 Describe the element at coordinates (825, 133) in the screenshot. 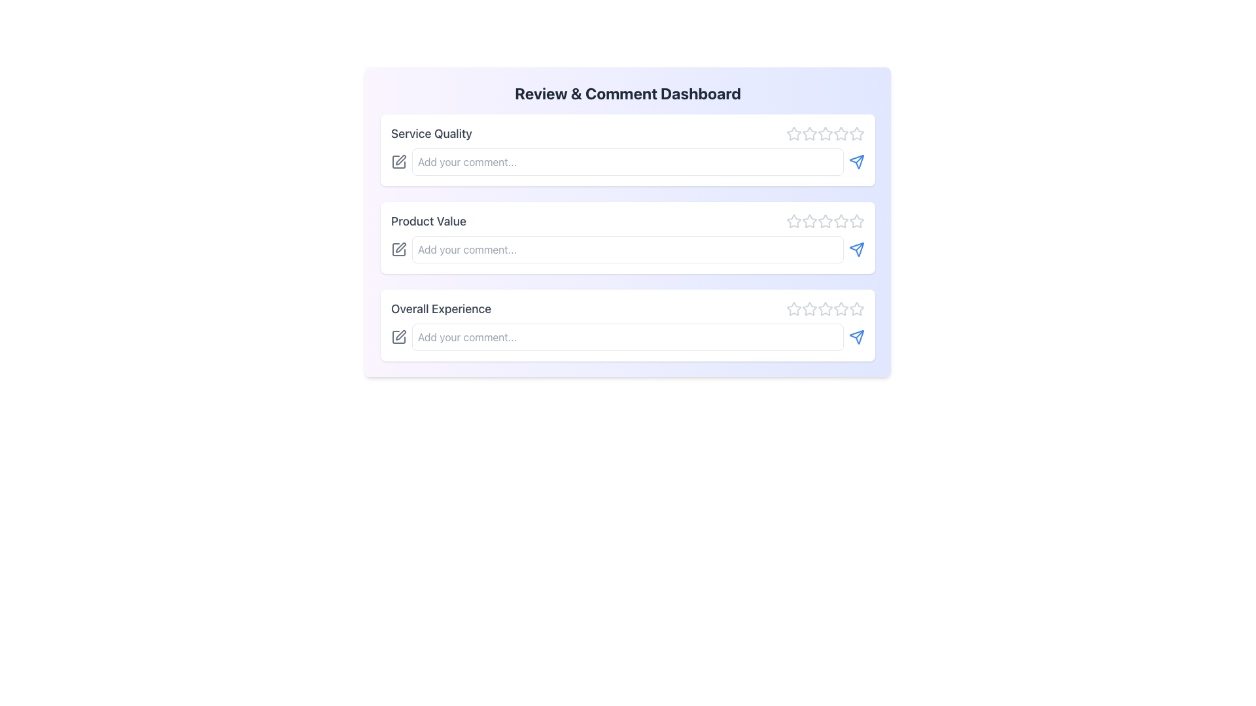

I see `the fourth star icon in the Service Quality rating section` at that location.